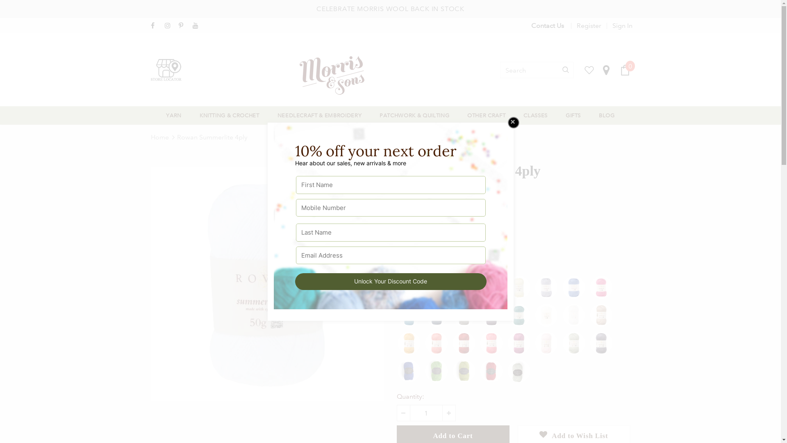 Image resolution: width=787 pixels, height=443 pixels. I want to click on '0', so click(625, 69).